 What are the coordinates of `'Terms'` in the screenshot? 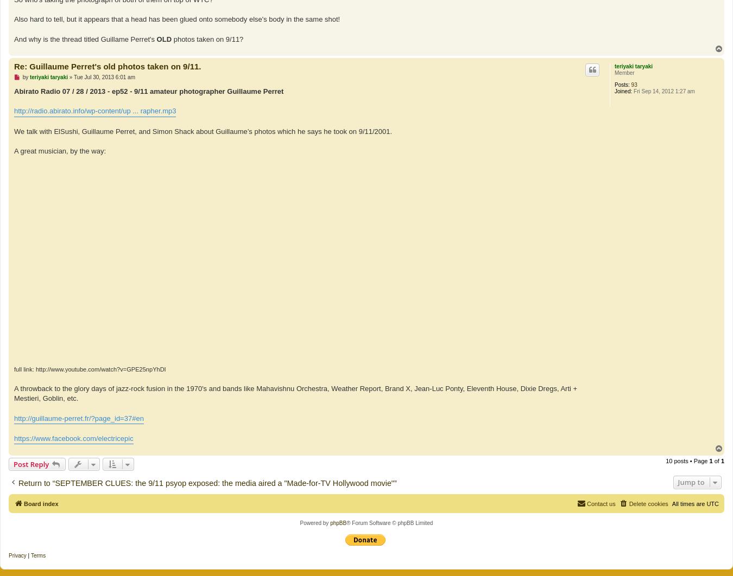 It's located at (37, 554).